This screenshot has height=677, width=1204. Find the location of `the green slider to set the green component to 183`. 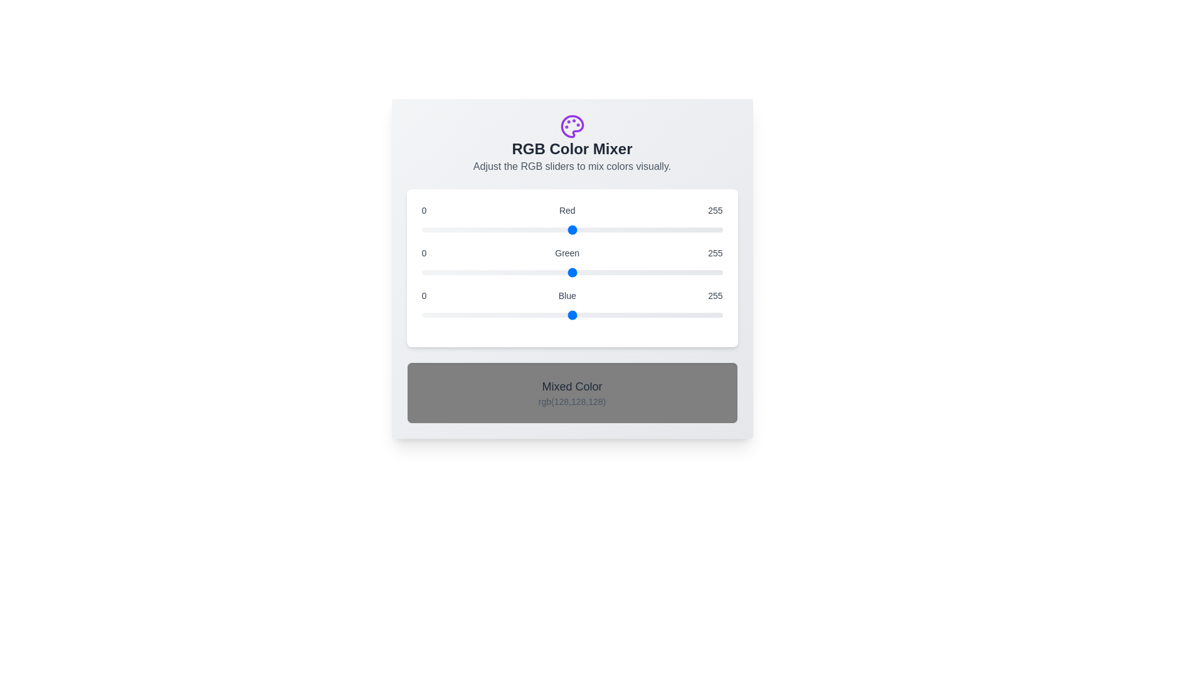

the green slider to set the green component to 183 is located at coordinates (638, 272).